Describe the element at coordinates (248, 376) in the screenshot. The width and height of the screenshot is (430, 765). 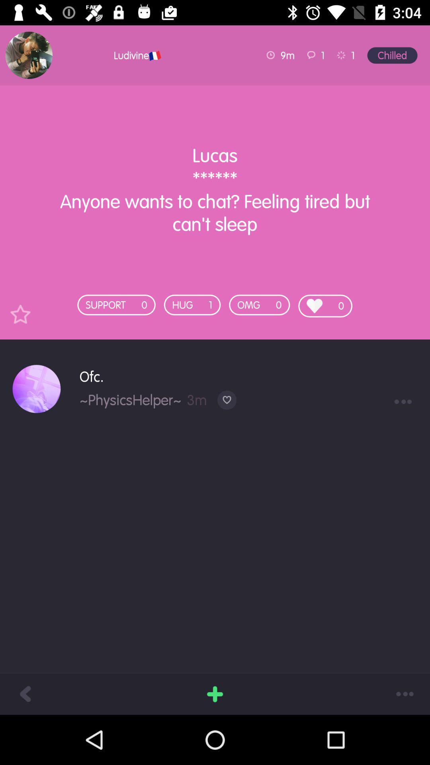
I see `the ofc. icon` at that location.